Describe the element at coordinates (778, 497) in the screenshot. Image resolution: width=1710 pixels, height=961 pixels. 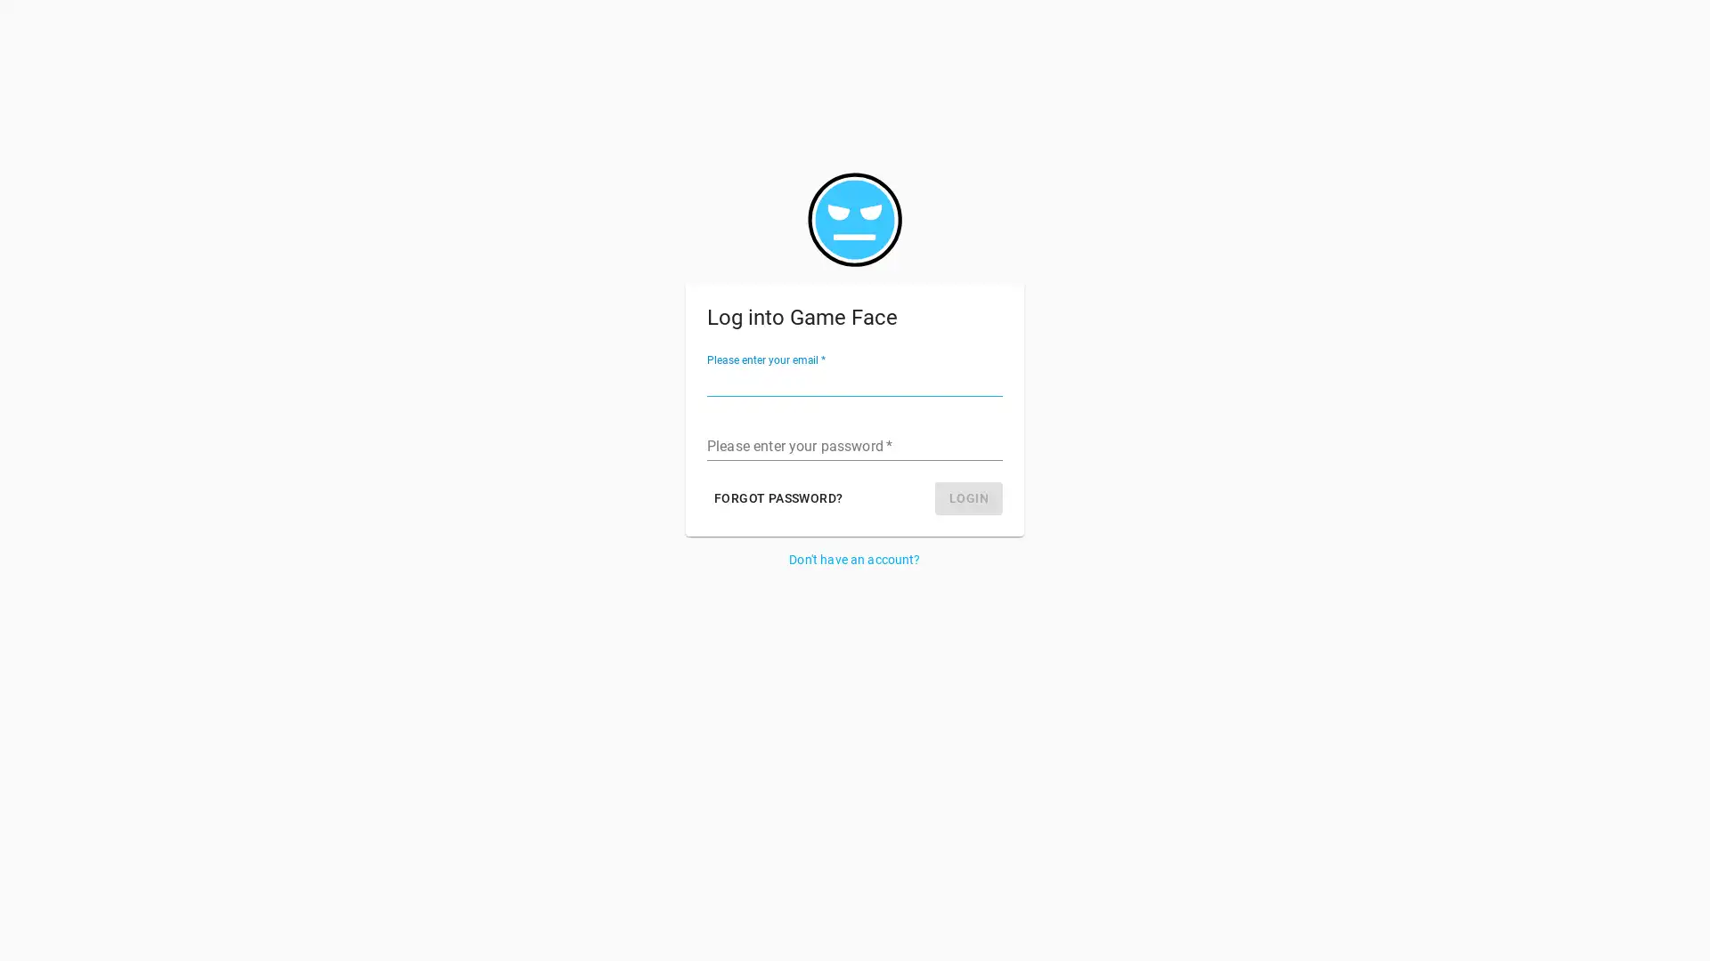
I see `FORGOT PASSWORD?` at that location.